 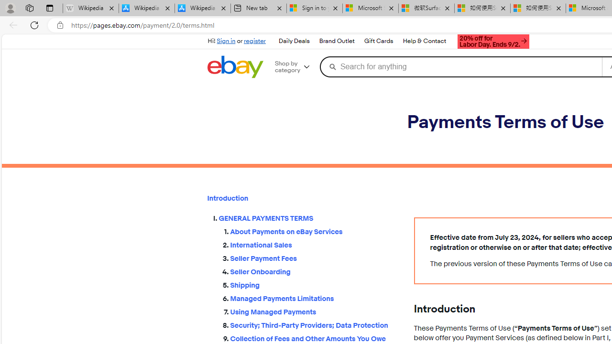 I want to click on 'Help & Contact', so click(x=424, y=41).